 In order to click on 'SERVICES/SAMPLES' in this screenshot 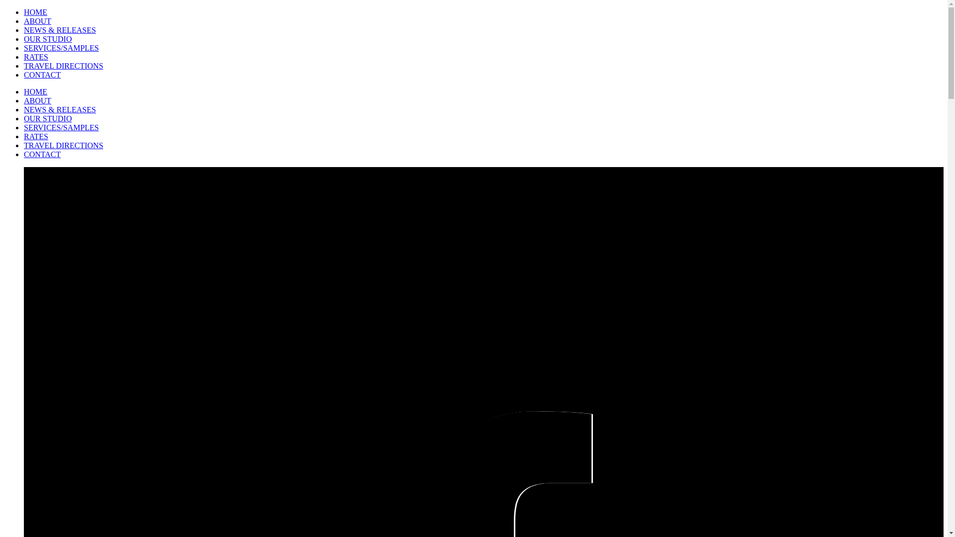, I will do `click(61, 48)`.